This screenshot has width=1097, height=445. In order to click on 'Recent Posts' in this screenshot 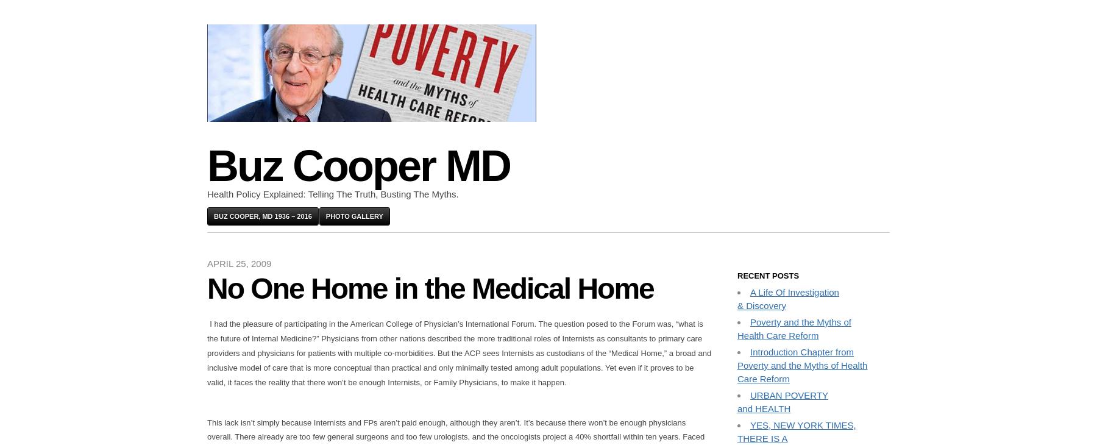, I will do `click(768, 275)`.